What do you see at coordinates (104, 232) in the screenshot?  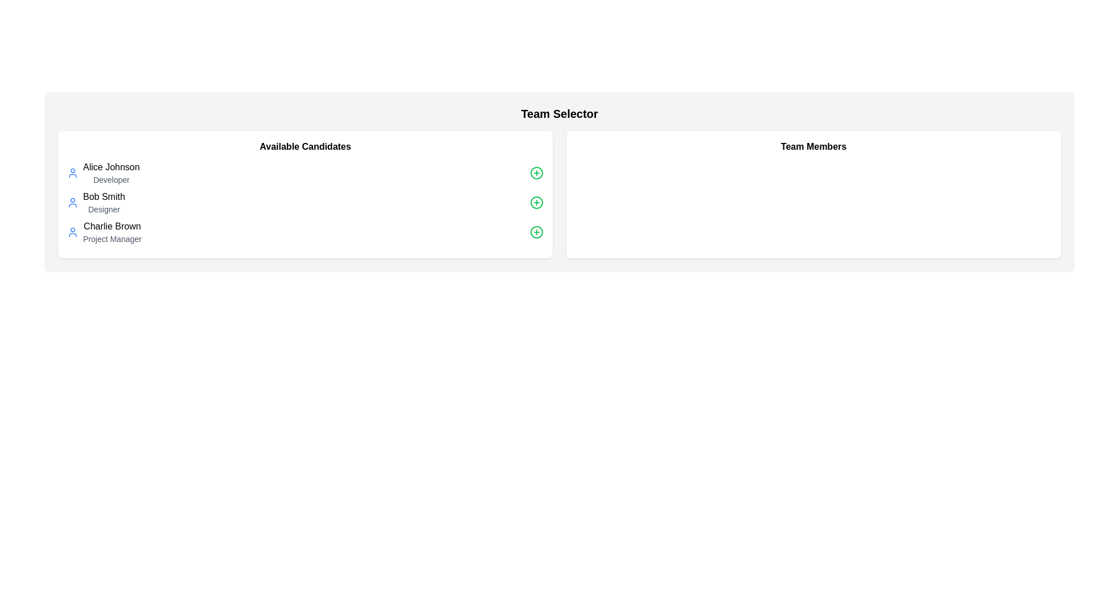 I see `to select the candidate named 'Charlie Brown', who is a 'Project Manager', located as the third entry in the 'Available Candidates' section of the left panel` at bounding box center [104, 232].